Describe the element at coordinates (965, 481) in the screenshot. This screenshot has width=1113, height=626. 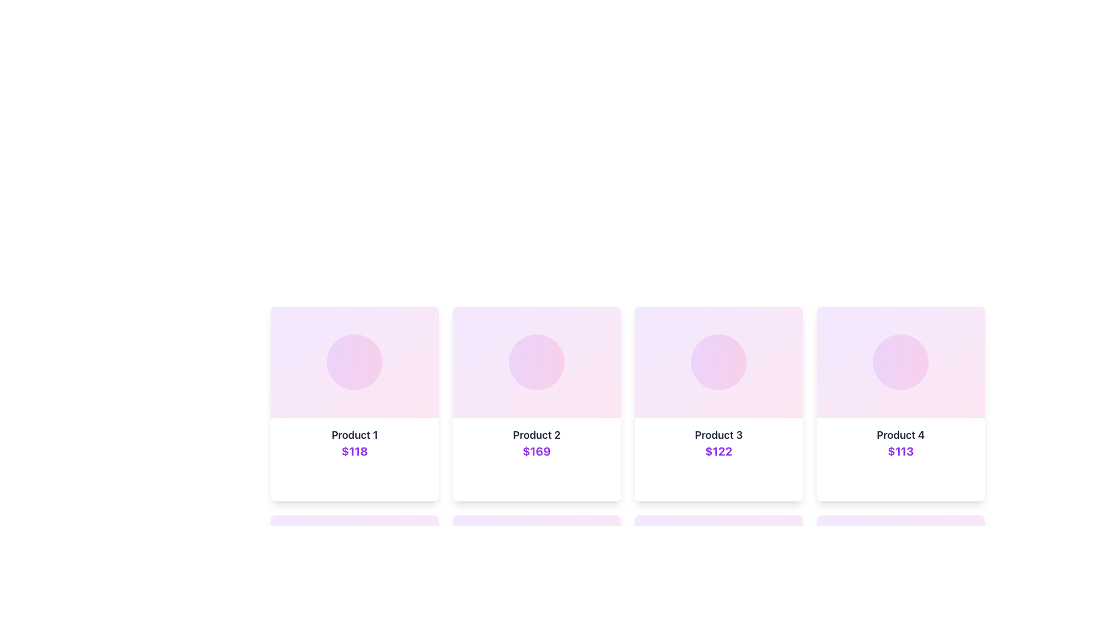
I see `the interactive button located in the bottom-right corner of the fourth product card, beneath the product price display, for visual feedback` at that location.